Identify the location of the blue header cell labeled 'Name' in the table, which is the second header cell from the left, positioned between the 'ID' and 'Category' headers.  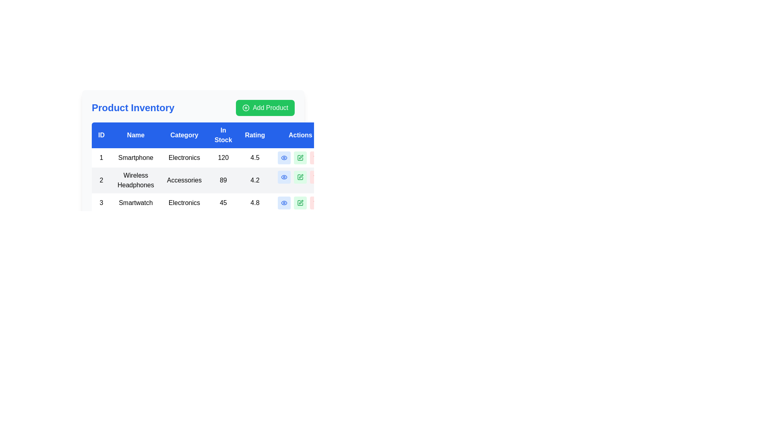
(136, 135).